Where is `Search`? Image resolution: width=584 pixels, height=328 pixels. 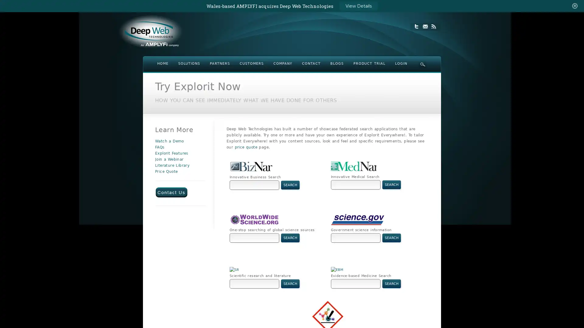
Search is located at coordinates (290, 184).